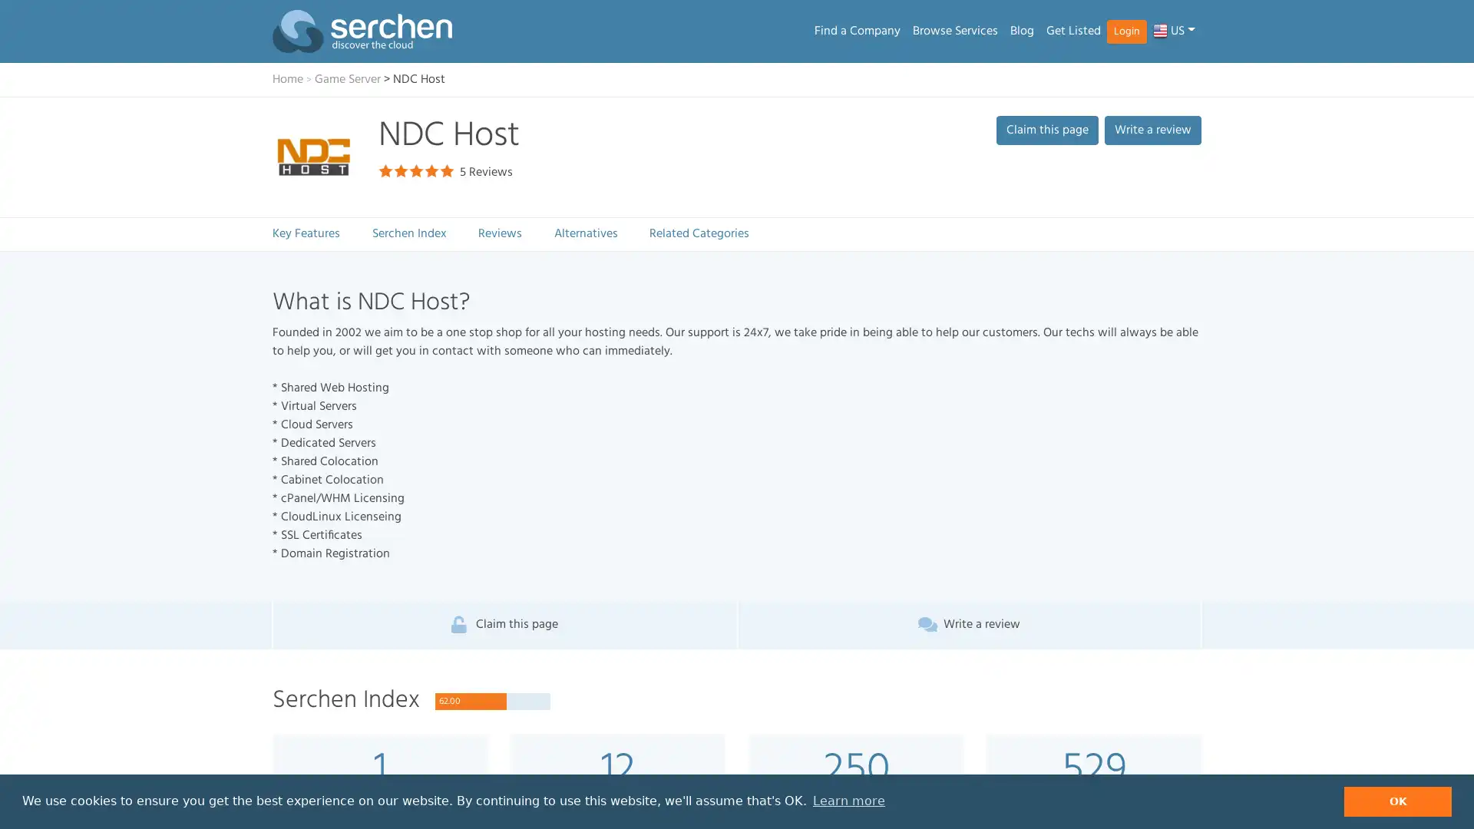  What do you see at coordinates (1397, 801) in the screenshot?
I see `dismiss cookie message` at bounding box center [1397, 801].